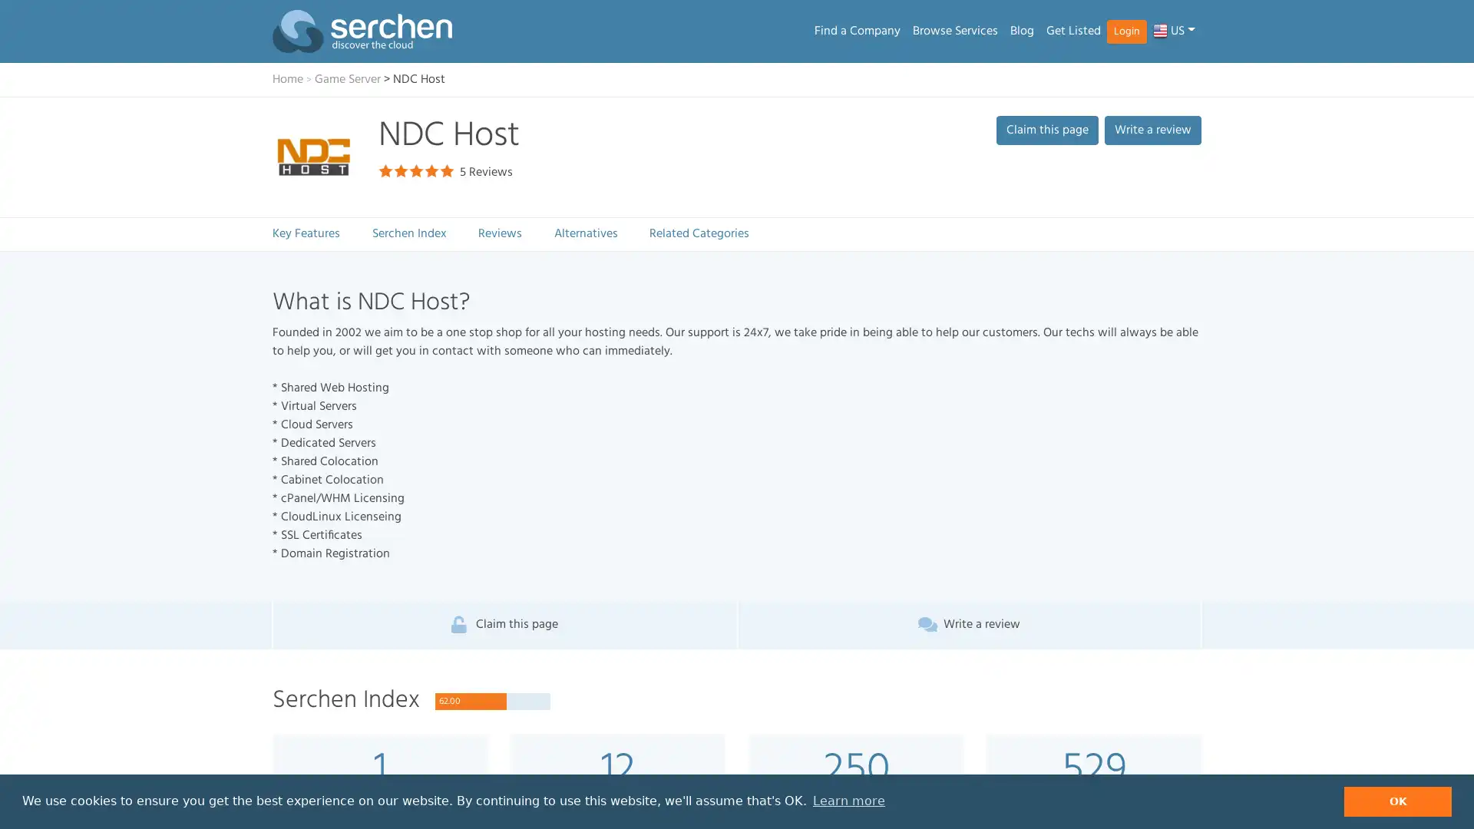  What do you see at coordinates (1397, 801) in the screenshot?
I see `dismiss cookie message` at bounding box center [1397, 801].